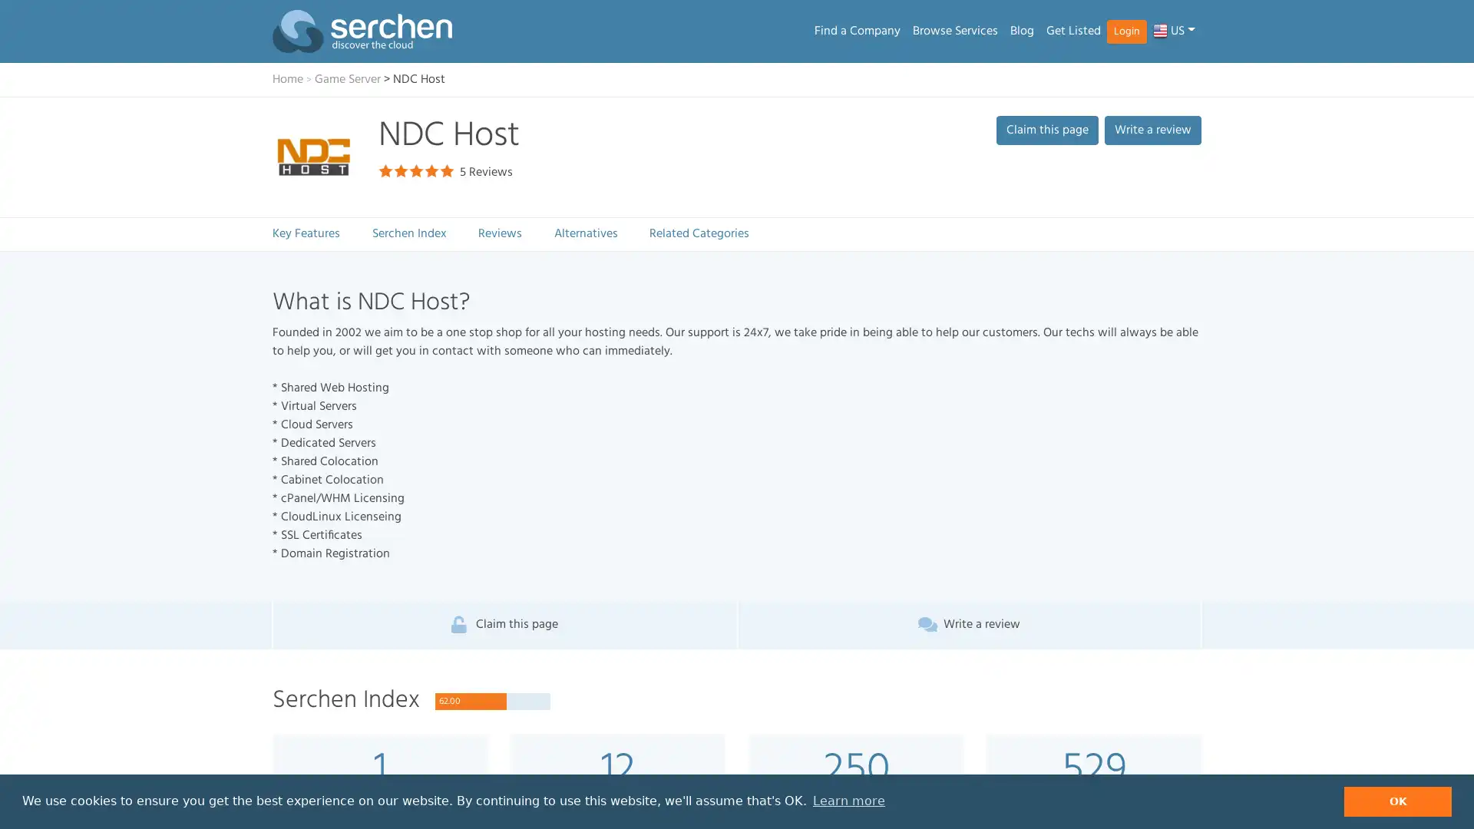  What do you see at coordinates (1397, 801) in the screenshot?
I see `dismiss cookie message` at bounding box center [1397, 801].